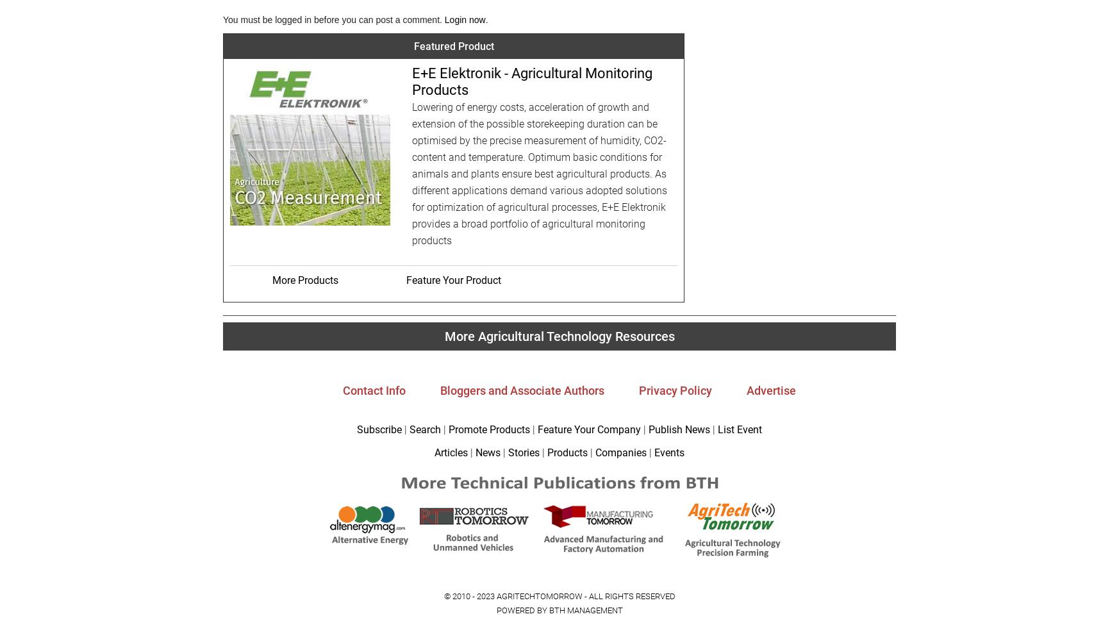  What do you see at coordinates (621, 452) in the screenshot?
I see `'Companies'` at bounding box center [621, 452].